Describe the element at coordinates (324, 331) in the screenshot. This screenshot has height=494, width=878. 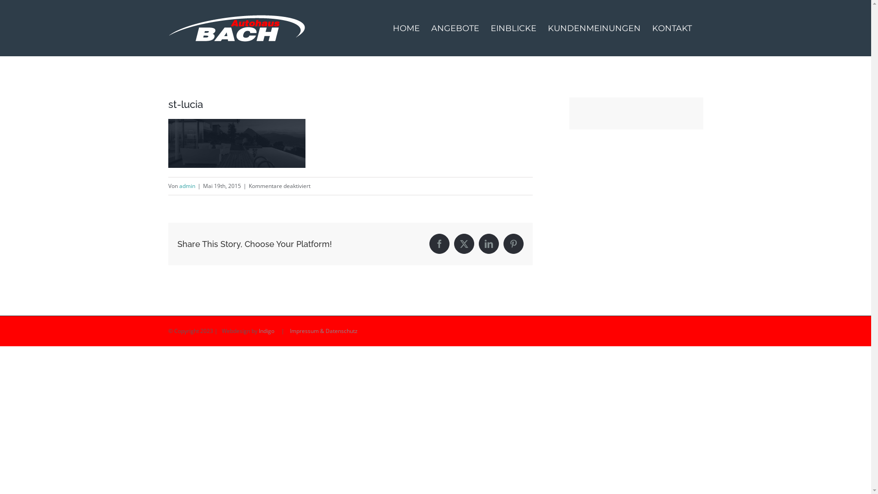
I see `'Impressum & Datenschutz'` at that location.